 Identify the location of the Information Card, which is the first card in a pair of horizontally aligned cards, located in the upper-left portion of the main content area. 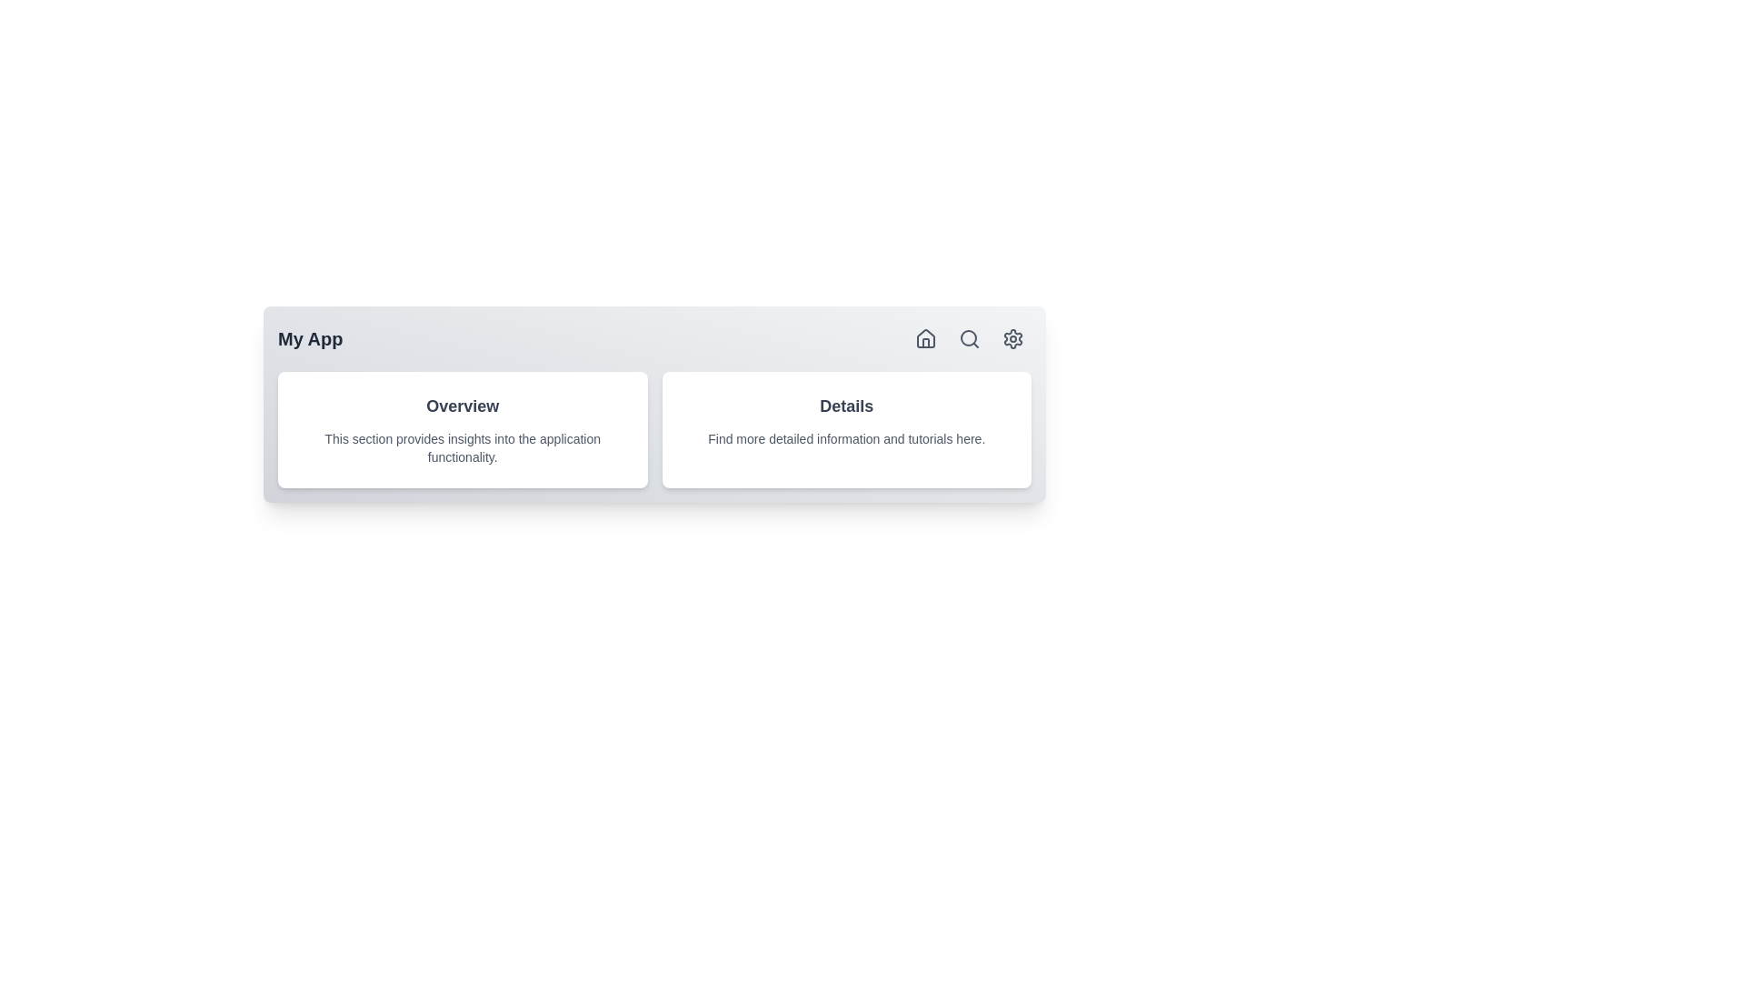
(463, 430).